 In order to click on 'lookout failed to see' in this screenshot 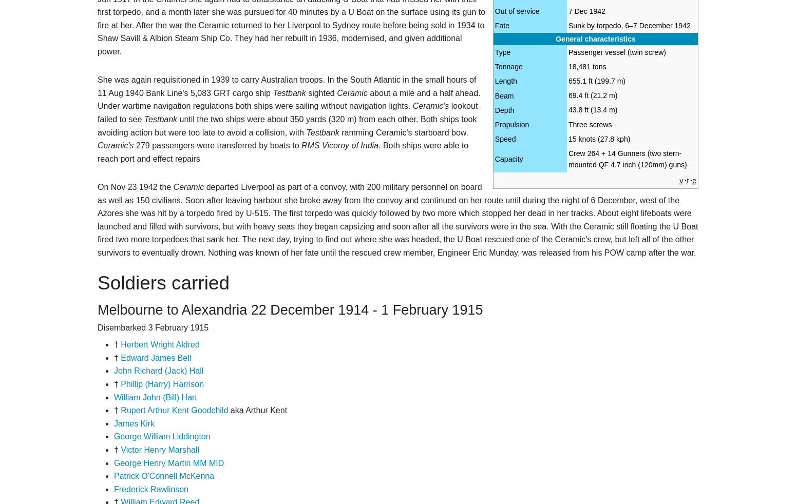, I will do `click(288, 112)`.